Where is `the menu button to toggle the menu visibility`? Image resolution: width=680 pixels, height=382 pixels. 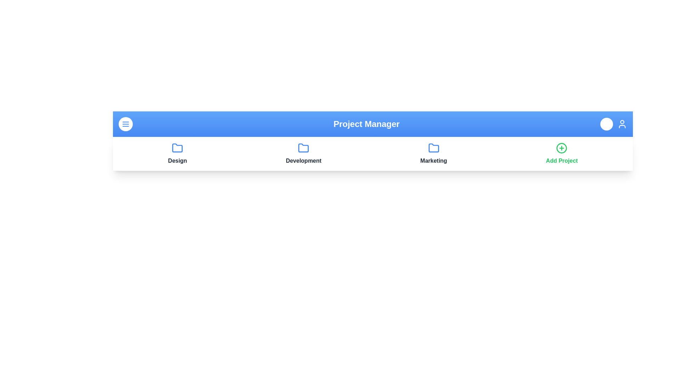 the menu button to toggle the menu visibility is located at coordinates (126, 124).